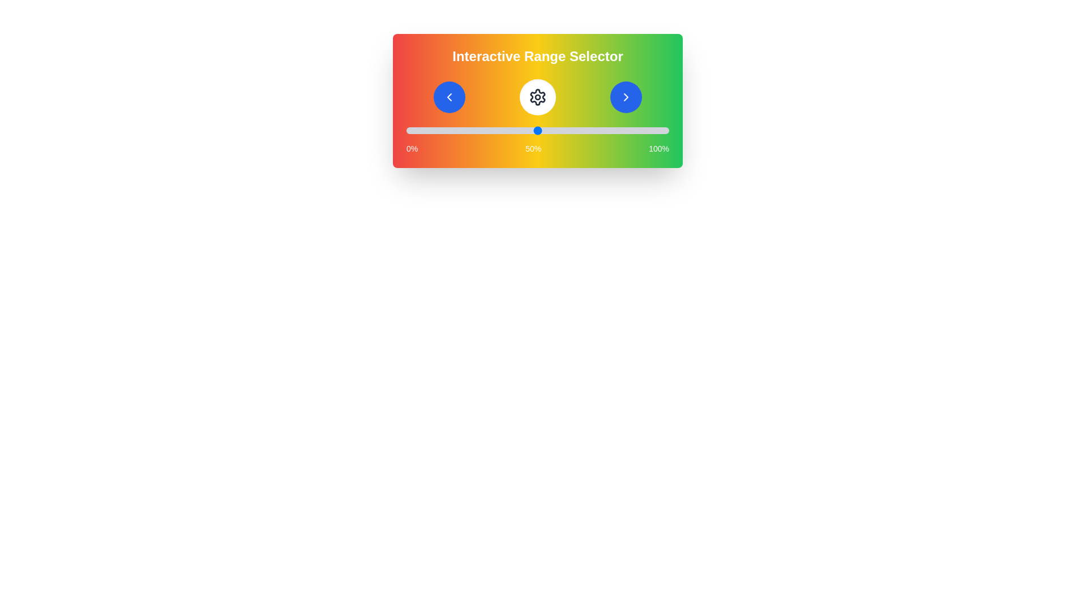 The height and width of the screenshot is (611, 1087). Describe the element at coordinates (551, 130) in the screenshot. I see `the slider to set the value to 55%` at that location.